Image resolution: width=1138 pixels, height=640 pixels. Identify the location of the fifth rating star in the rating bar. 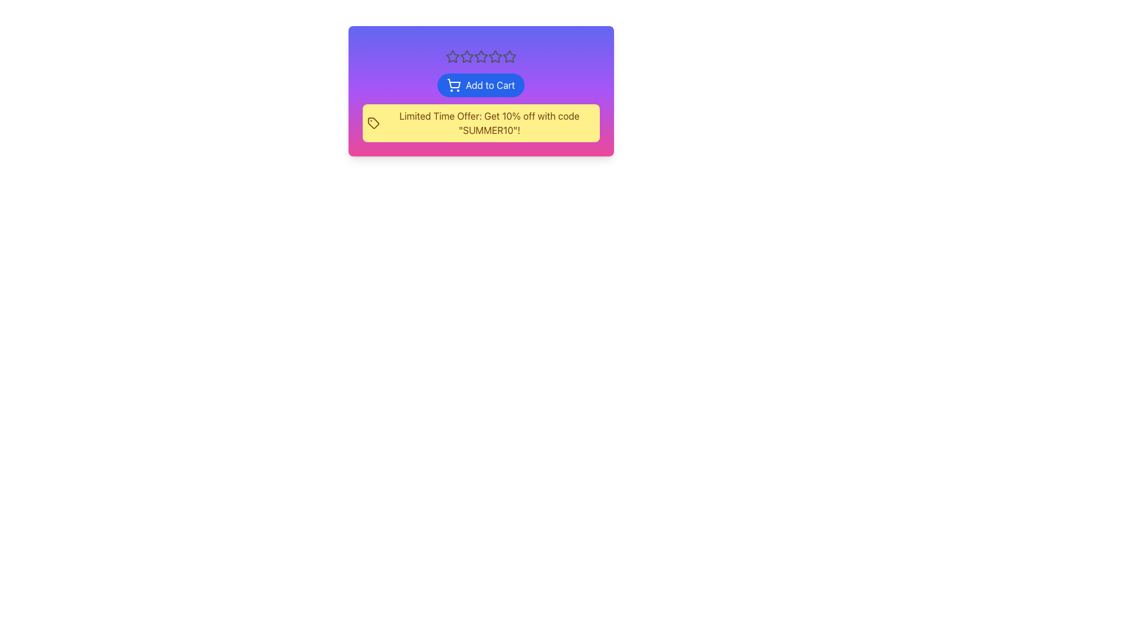
(495, 57).